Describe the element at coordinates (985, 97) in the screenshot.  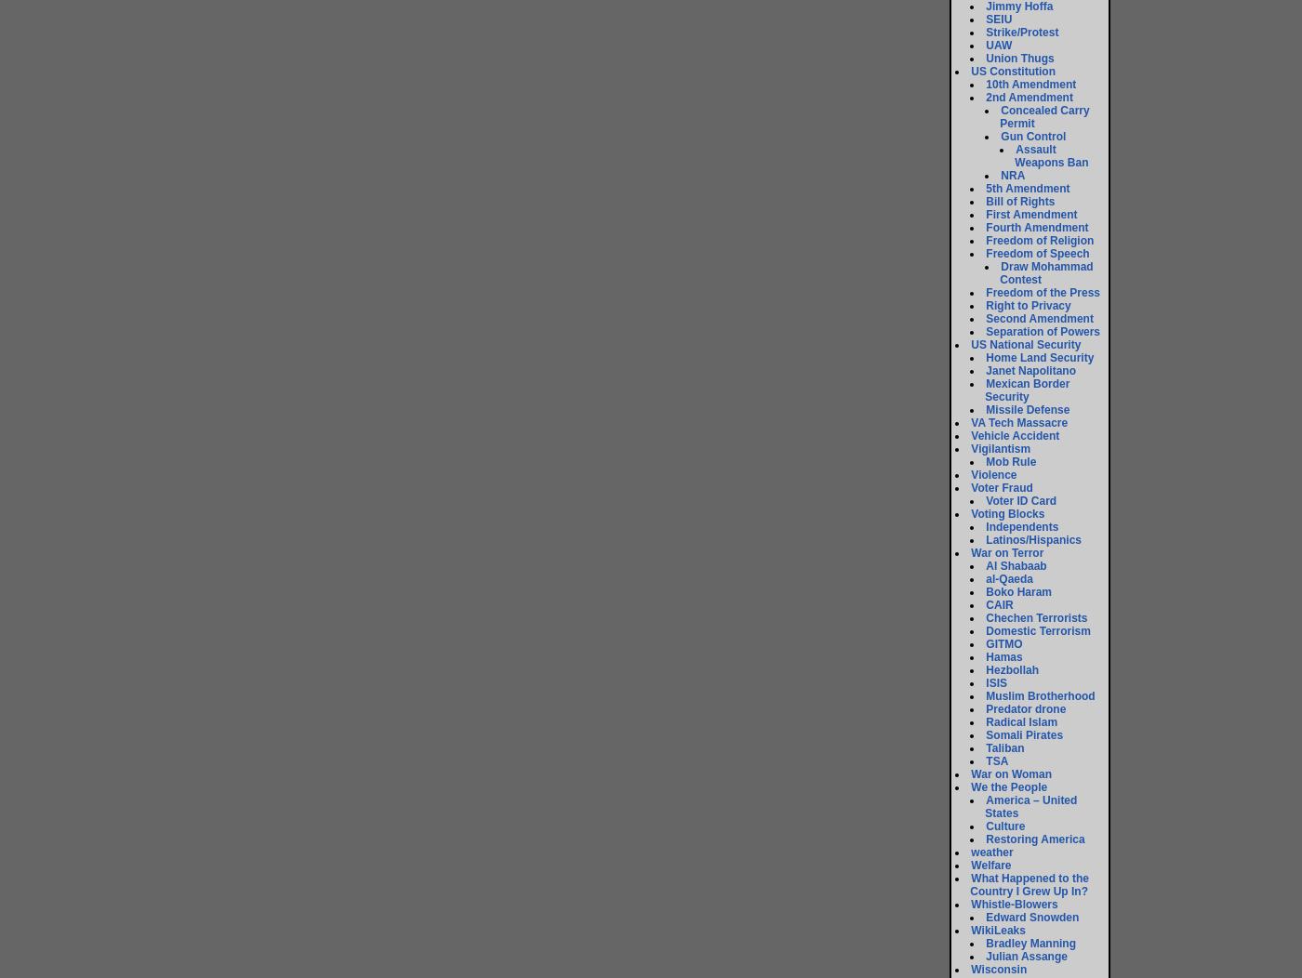
I see `'2nd Amendment'` at that location.